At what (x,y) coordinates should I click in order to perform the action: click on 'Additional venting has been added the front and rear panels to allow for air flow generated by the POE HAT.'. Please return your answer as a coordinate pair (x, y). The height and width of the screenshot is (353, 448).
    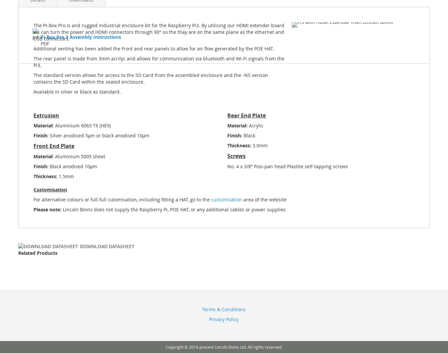
    Looking at the image, I should click on (153, 48).